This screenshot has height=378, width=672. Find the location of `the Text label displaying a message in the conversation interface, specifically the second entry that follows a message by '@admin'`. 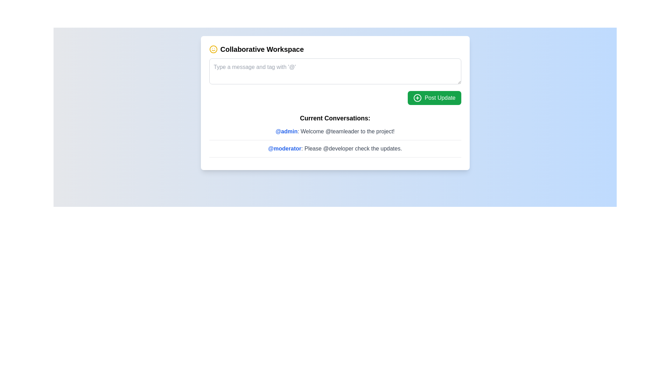

the Text label displaying a message in the conversation interface, specifically the second entry that follows a message by '@admin' is located at coordinates (335, 148).